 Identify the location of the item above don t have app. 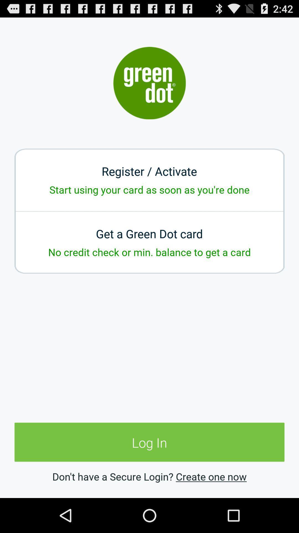
(149, 442).